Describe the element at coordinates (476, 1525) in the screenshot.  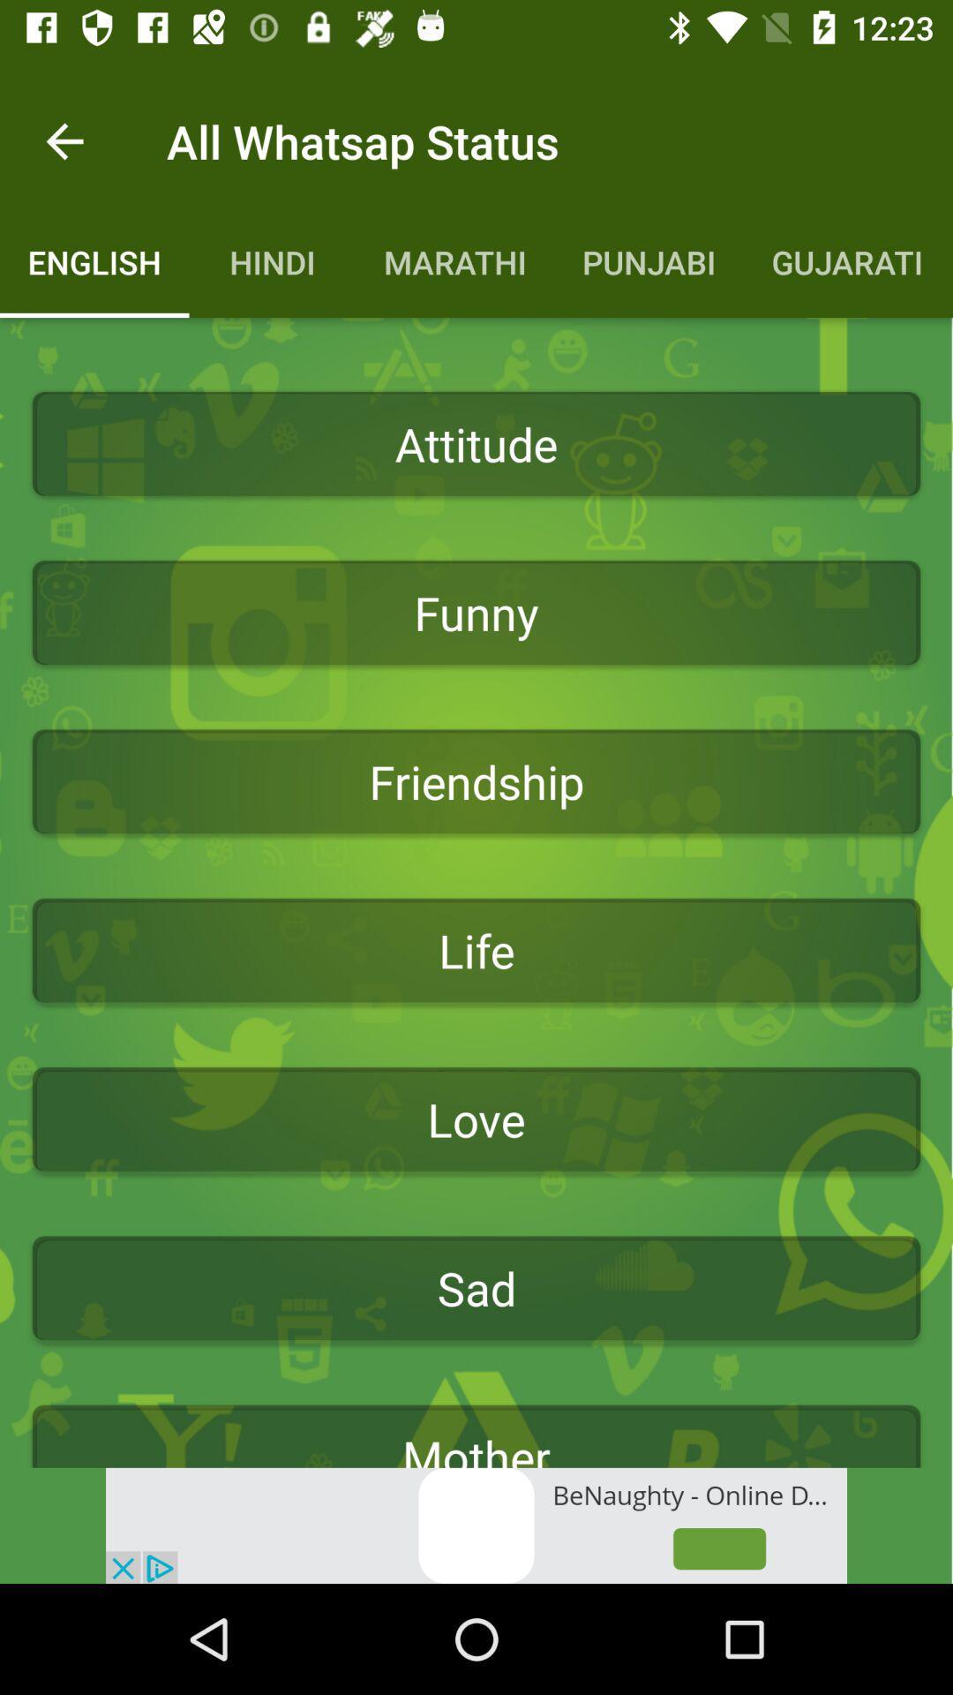
I see `its an advertisement` at that location.